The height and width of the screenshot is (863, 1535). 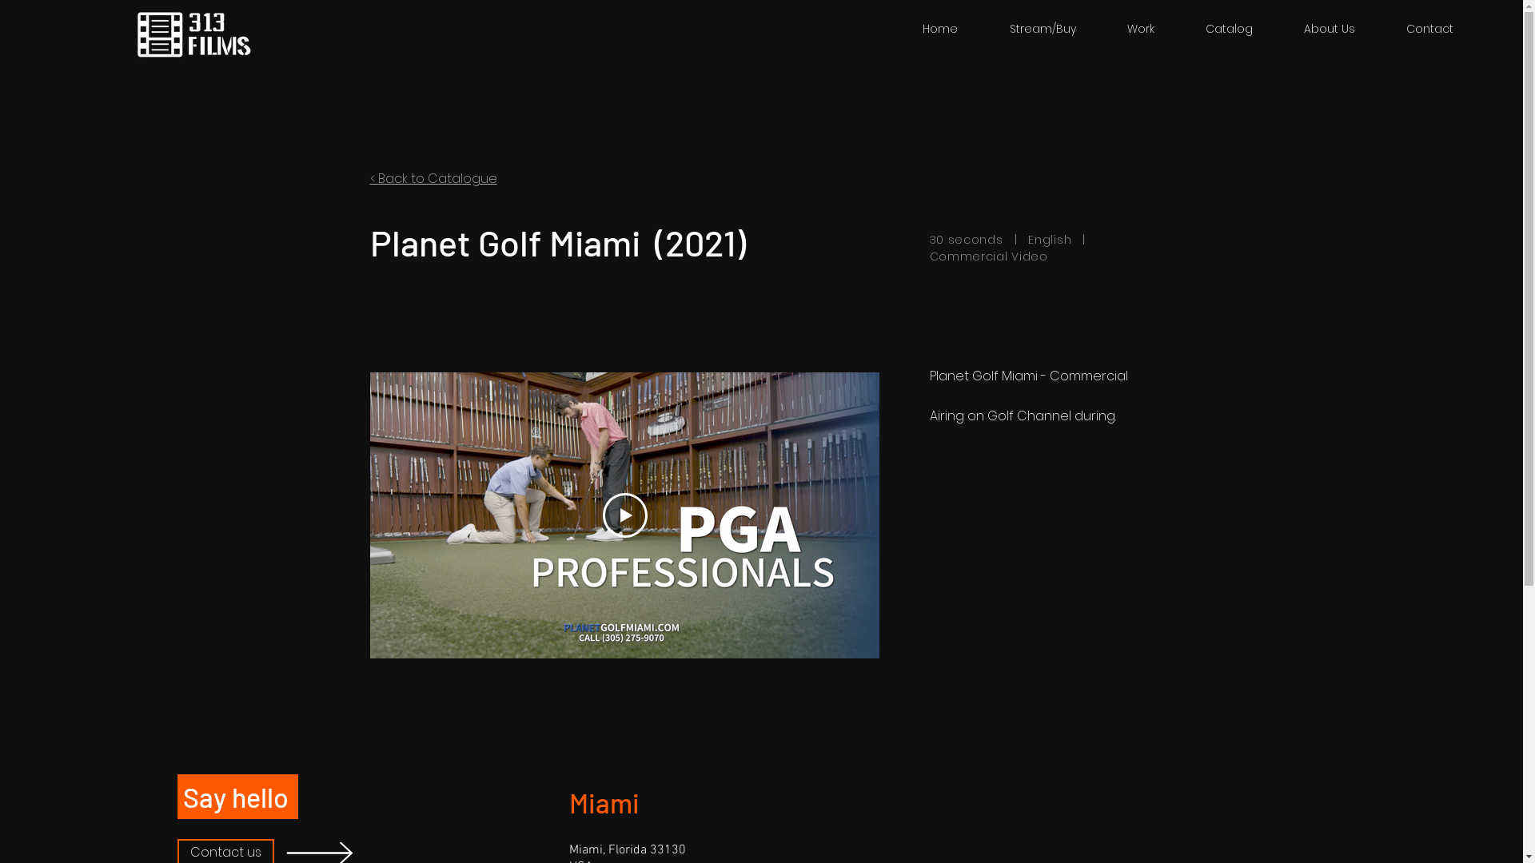 I want to click on '< Back to Catalogue', so click(x=433, y=178).